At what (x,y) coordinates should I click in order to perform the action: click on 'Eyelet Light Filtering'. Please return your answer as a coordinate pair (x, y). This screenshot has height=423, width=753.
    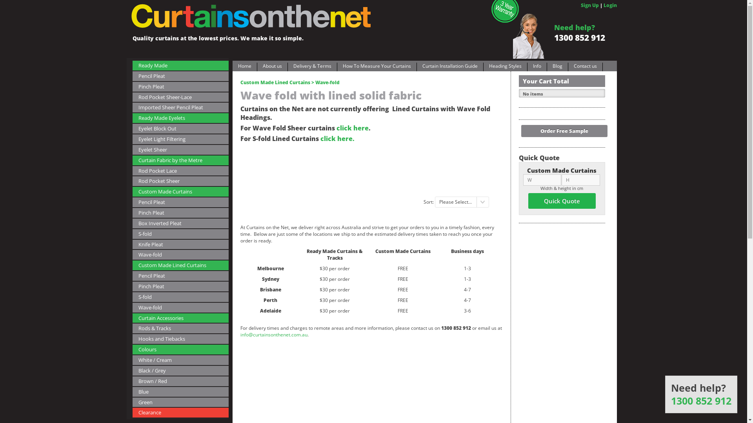
    Looking at the image, I should click on (180, 139).